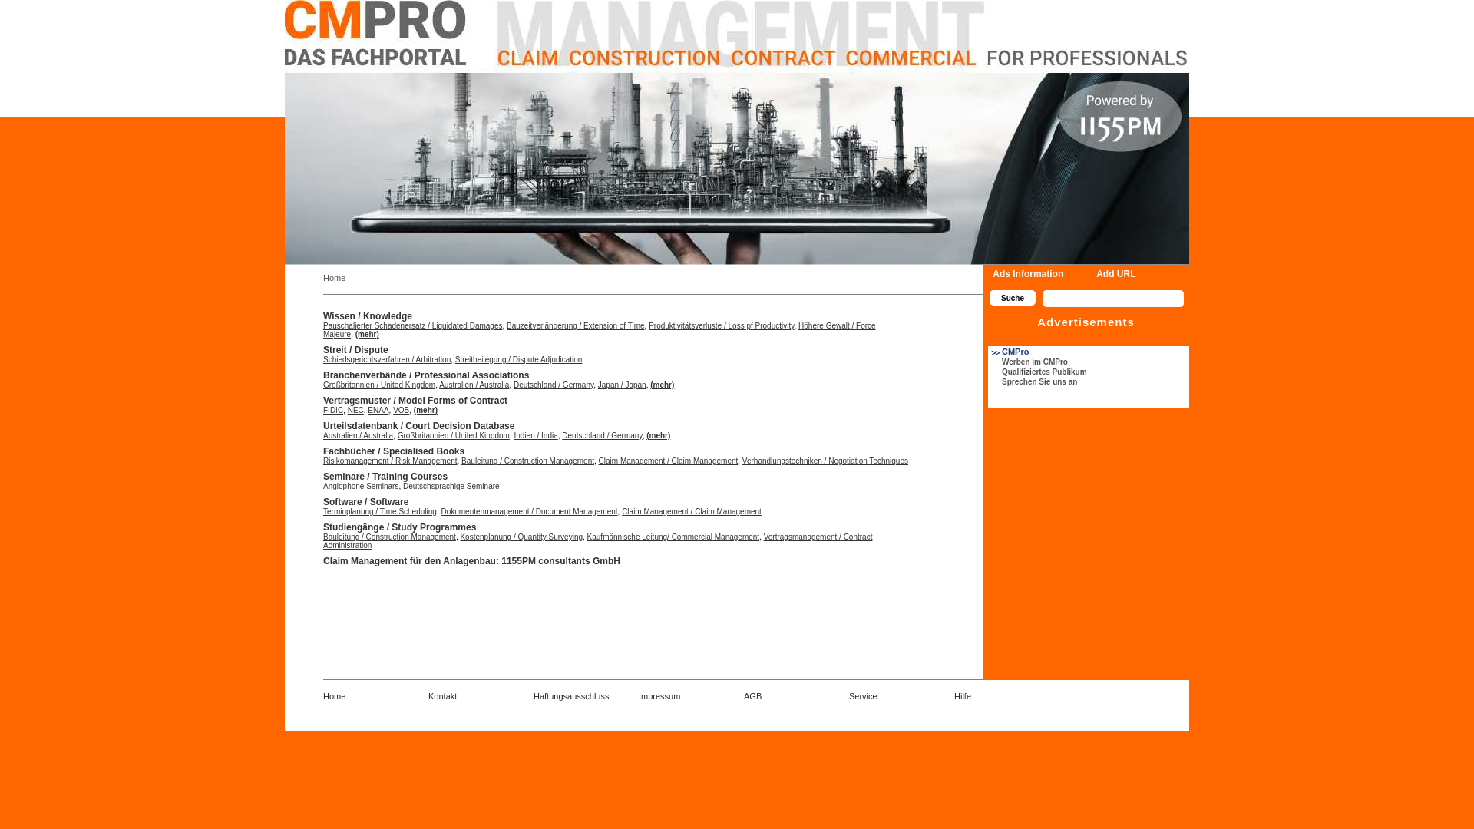 The width and height of the screenshot is (1474, 829). I want to click on 'Australien / Australia', so click(473, 384).